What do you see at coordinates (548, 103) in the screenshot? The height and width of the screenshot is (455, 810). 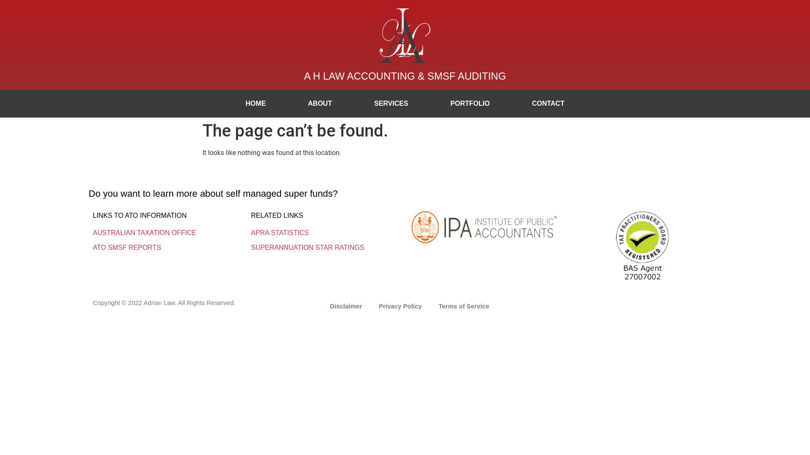 I see `'CONTACT'` at bounding box center [548, 103].